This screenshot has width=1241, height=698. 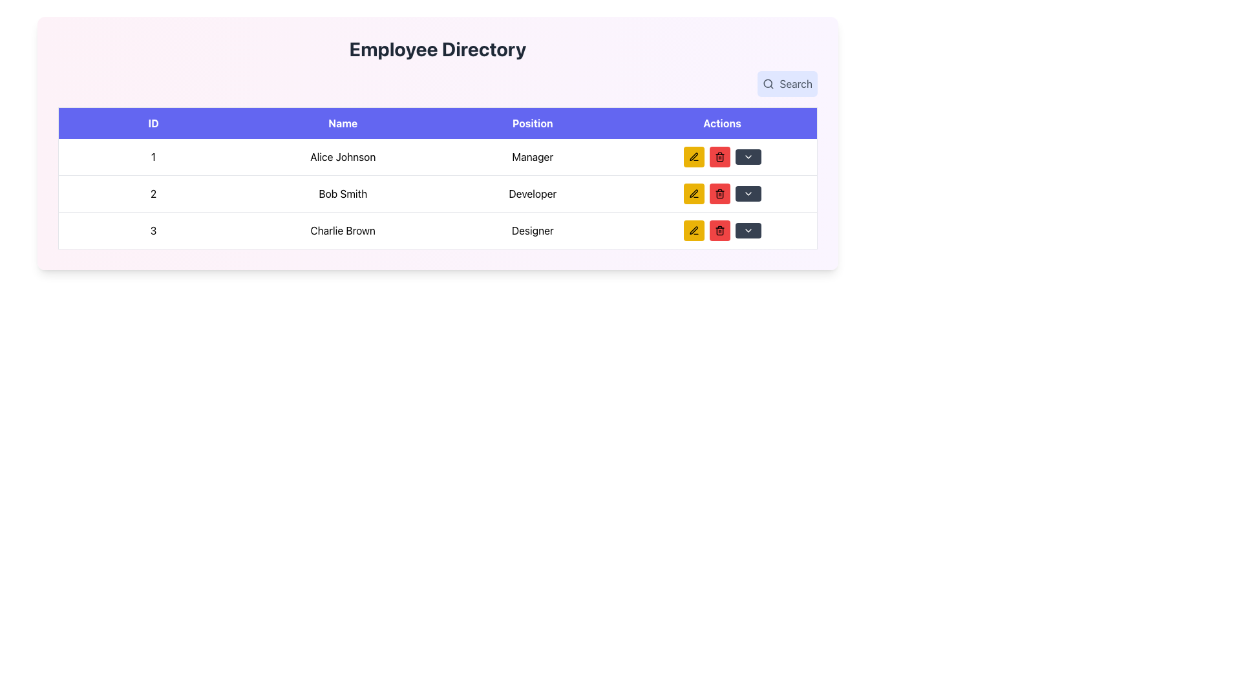 I want to click on text label displaying the job position in the second row of the table, which is aligned with the 'Bob Smith' text in the 'Name' column, so click(x=533, y=194).